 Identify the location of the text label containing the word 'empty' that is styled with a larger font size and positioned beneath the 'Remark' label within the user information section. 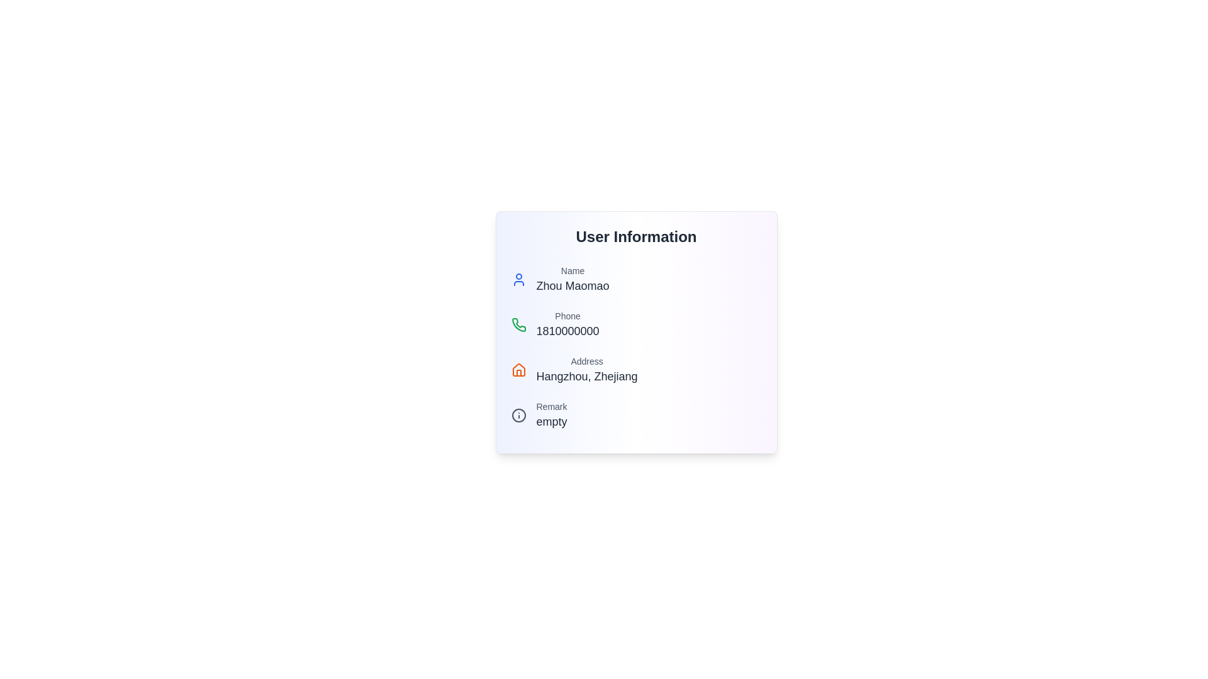
(552, 422).